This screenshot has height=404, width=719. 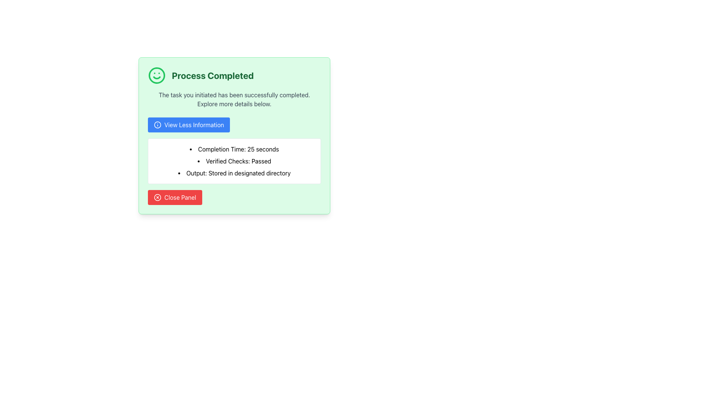 I want to click on the icon positioned at the beginning of the 'Close Panel' button, which visually complements the button's function as a close or dismiss action, so click(x=157, y=197).